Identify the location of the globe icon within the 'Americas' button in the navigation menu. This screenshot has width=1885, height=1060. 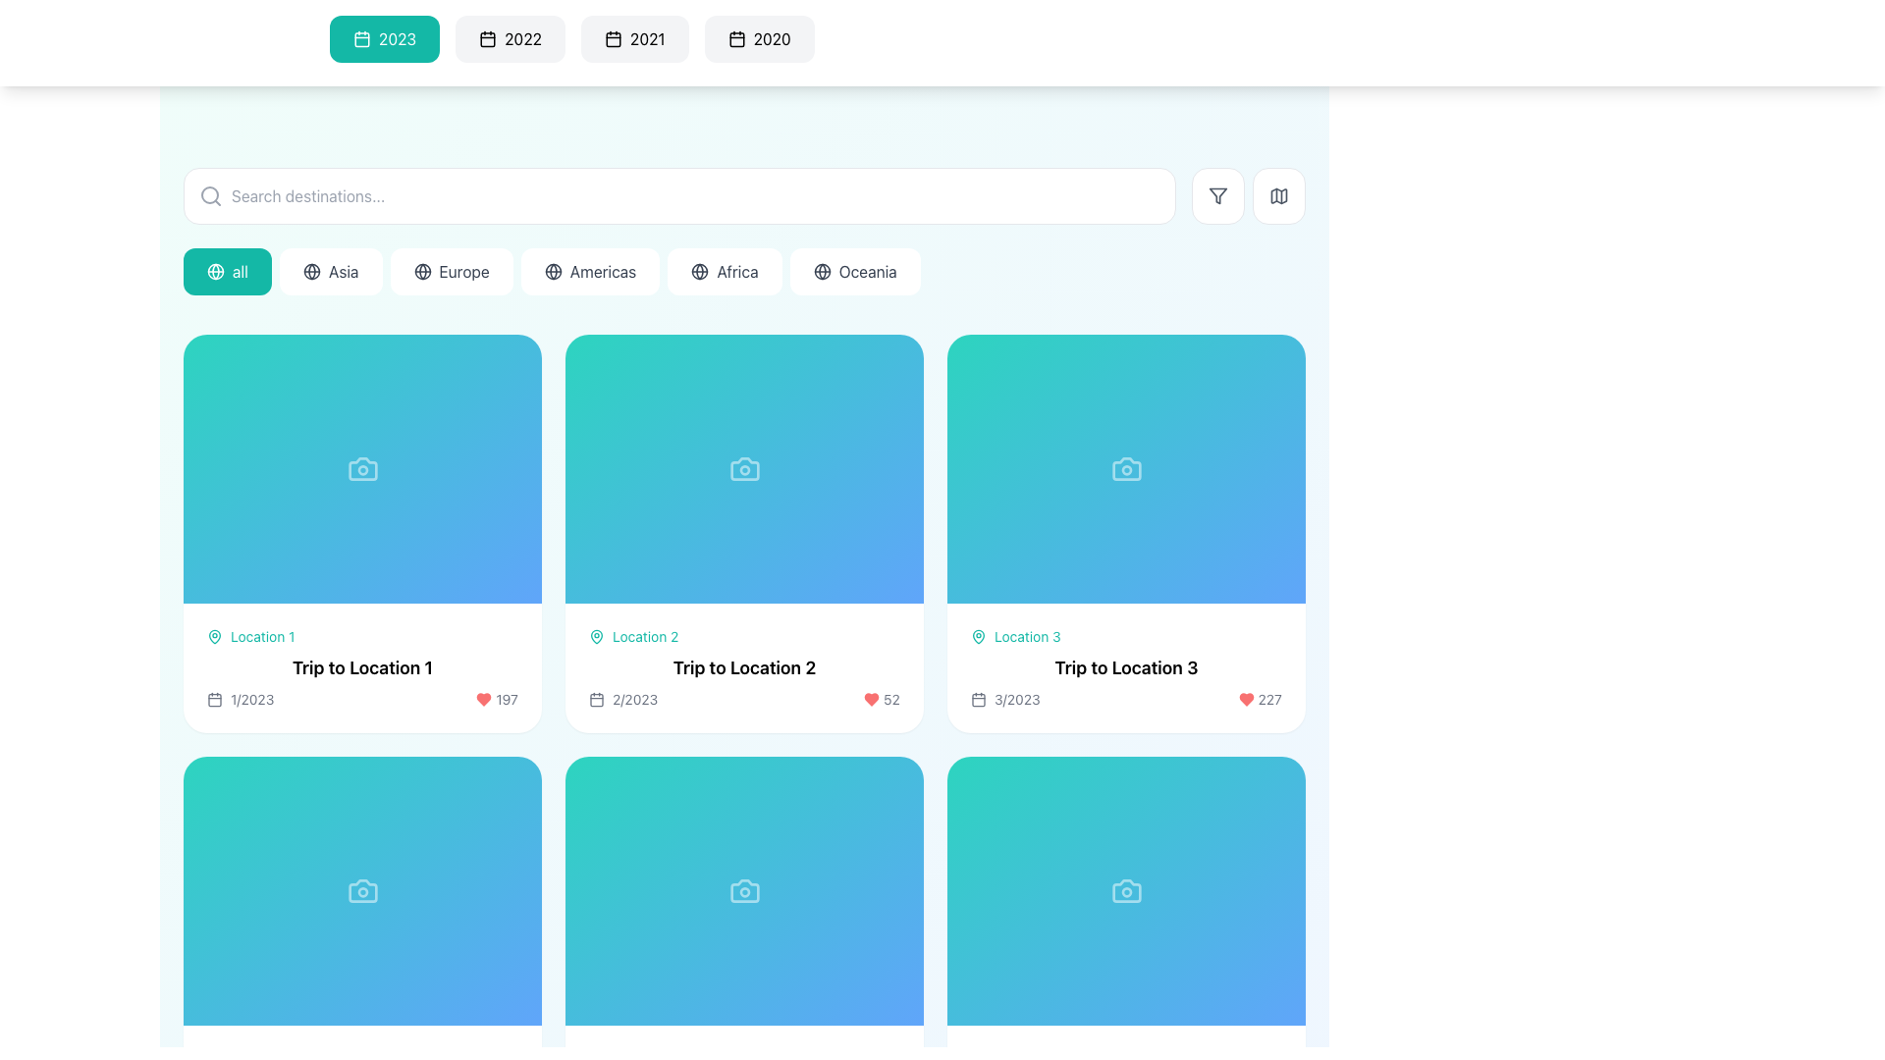
(552, 272).